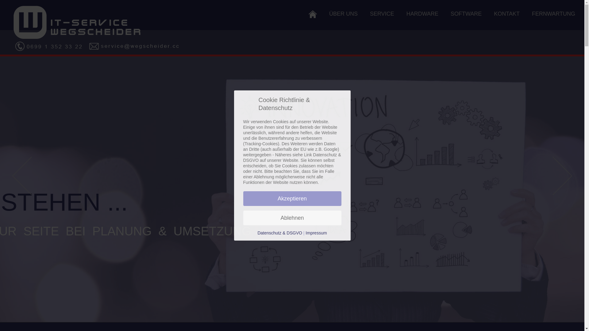 This screenshot has width=589, height=331. I want to click on 'Impressum', so click(316, 233).